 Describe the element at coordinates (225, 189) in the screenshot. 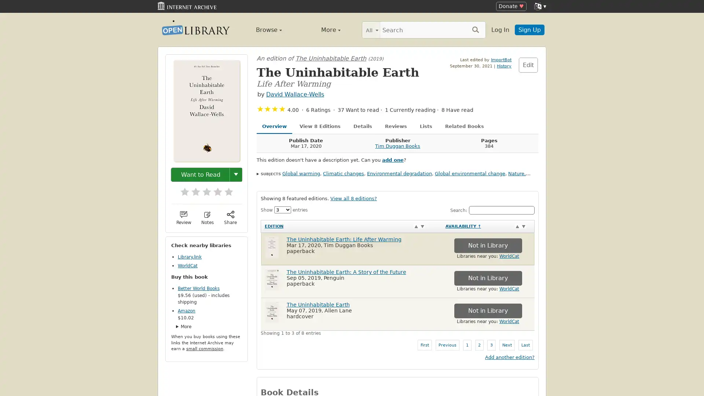

I see `5` at that location.